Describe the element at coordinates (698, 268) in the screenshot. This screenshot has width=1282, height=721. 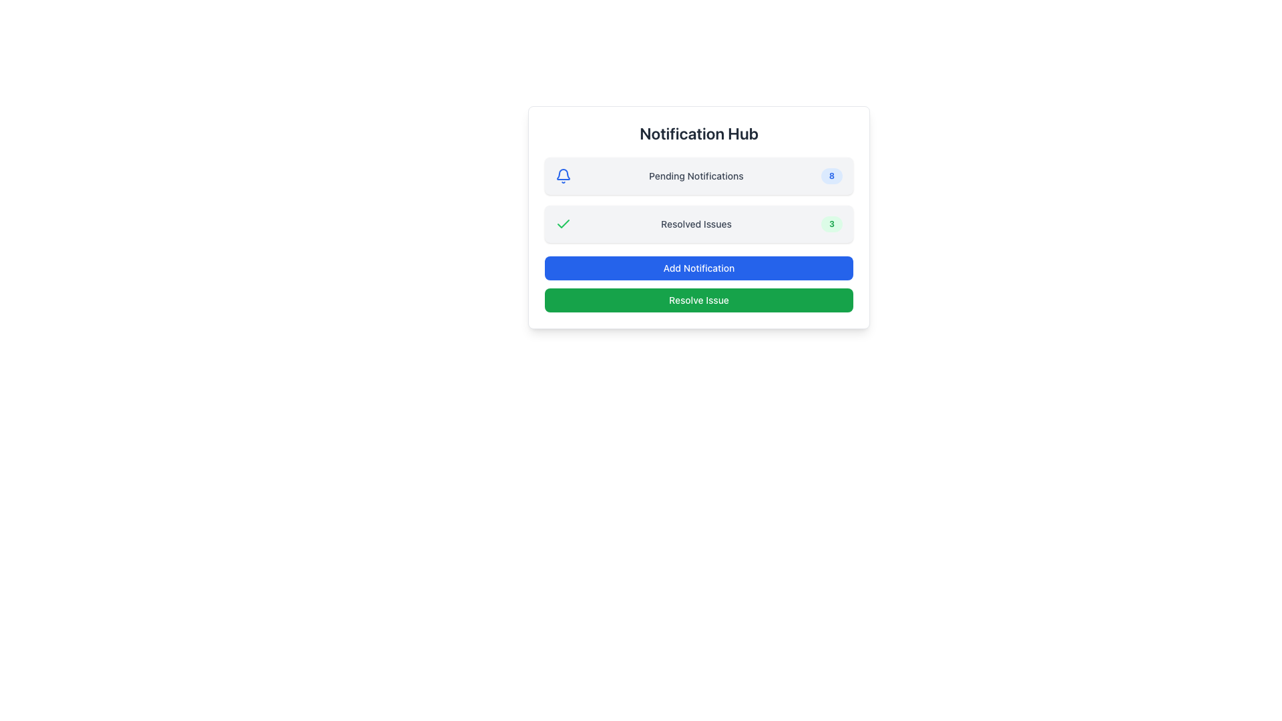
I see `the 'Add Notification' button` at that location.